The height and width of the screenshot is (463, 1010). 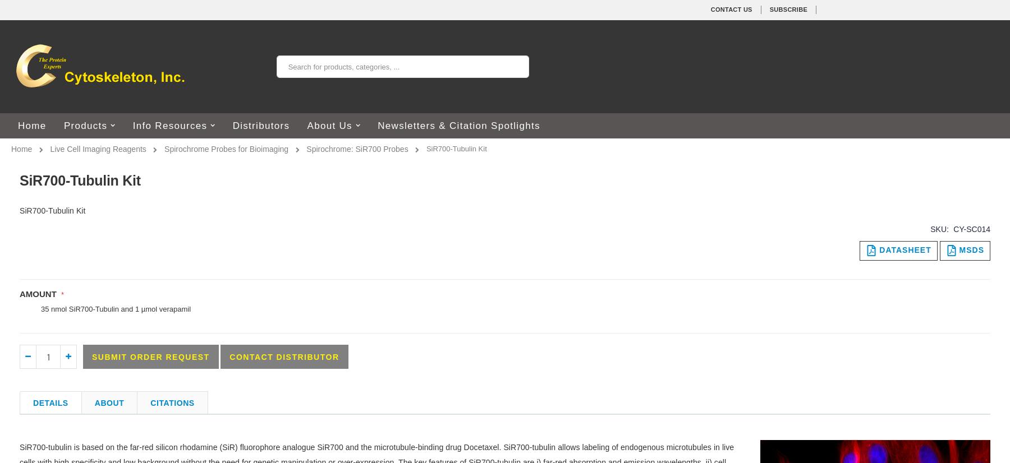 I want to click on 'Info Resources', so click(x=169, y=125).